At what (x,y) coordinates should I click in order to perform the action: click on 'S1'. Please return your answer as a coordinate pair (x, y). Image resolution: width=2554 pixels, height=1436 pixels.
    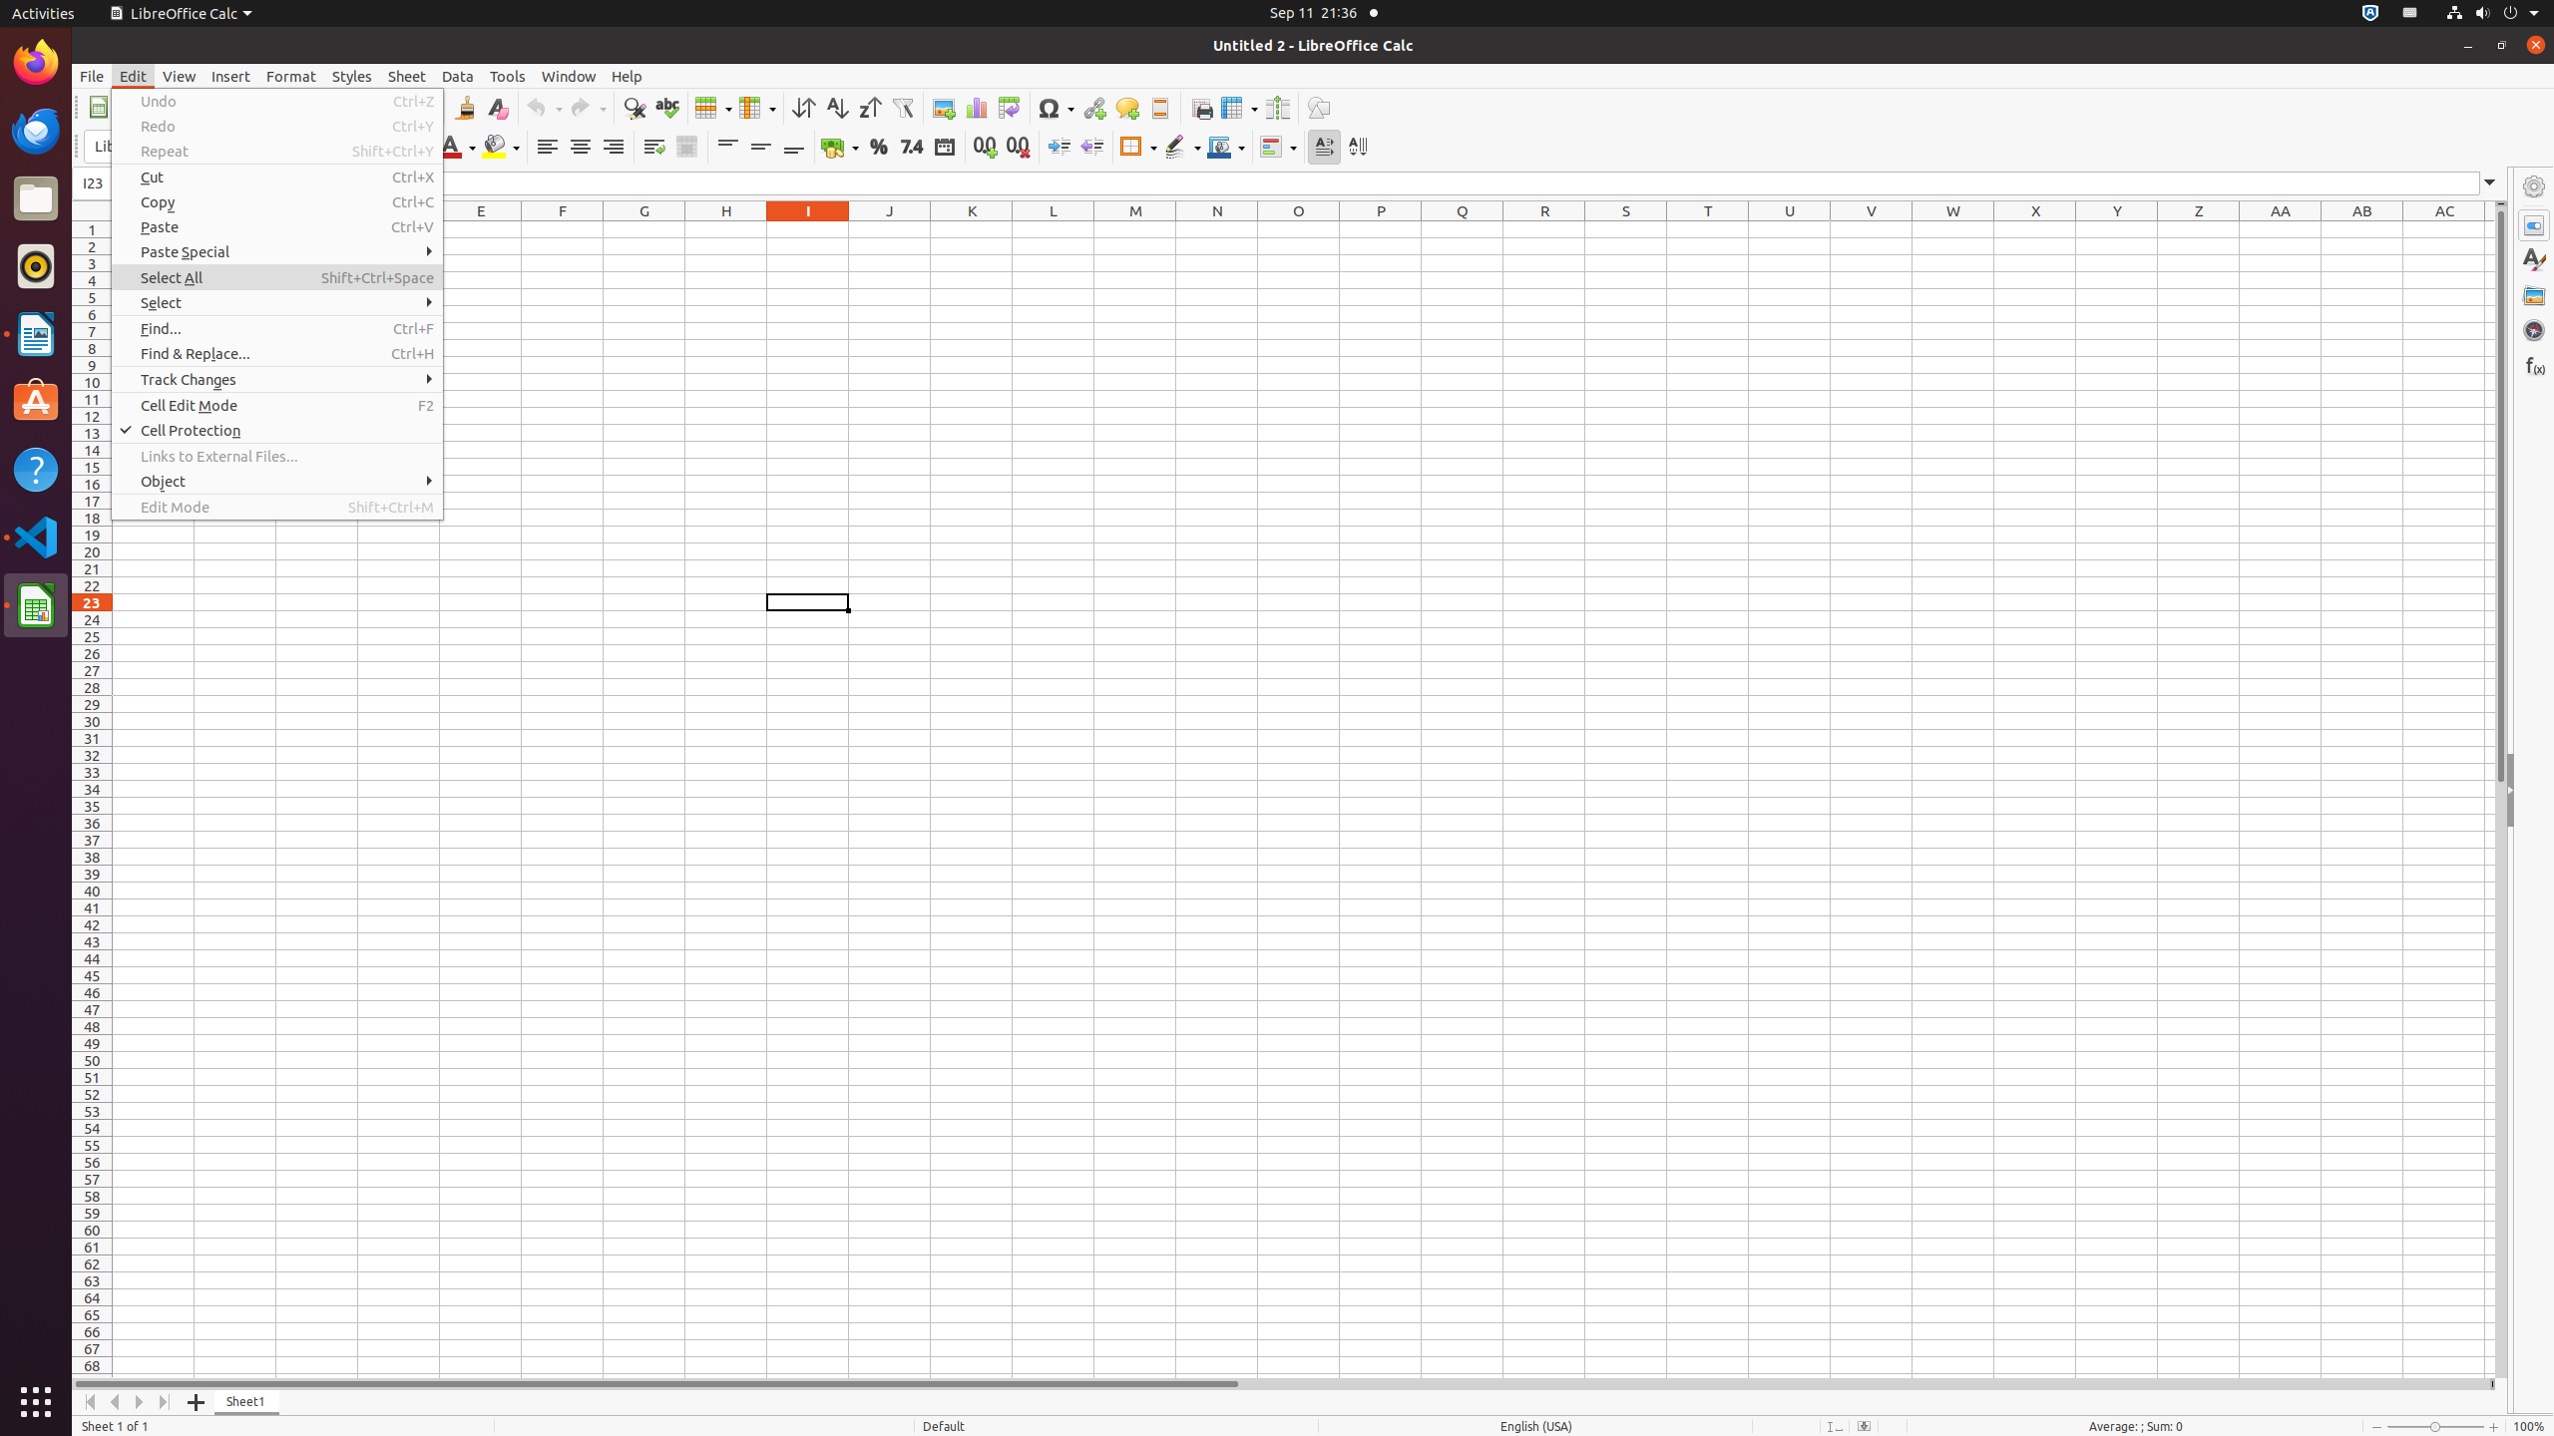
    Looking at the image, I should click on (1624, 228).